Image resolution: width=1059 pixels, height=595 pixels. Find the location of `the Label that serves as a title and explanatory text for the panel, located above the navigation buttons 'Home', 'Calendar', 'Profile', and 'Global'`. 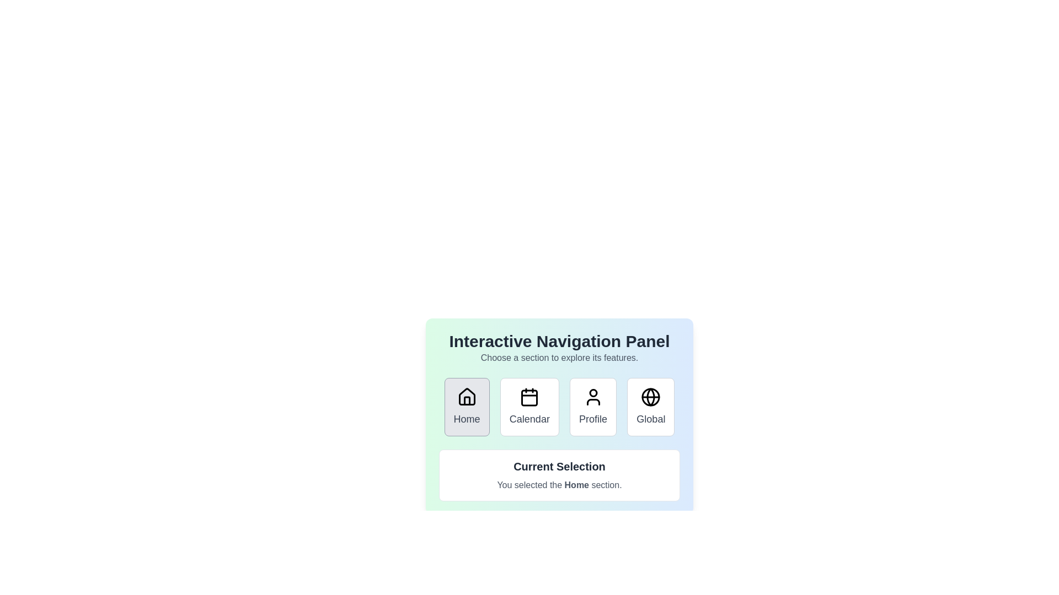

the Label that serves as a title and explanatory text for the panel, located above the navigation buttons 'Home', 'Calendar', 'Profile', and 'Global' is located at coordinates (559, 348).